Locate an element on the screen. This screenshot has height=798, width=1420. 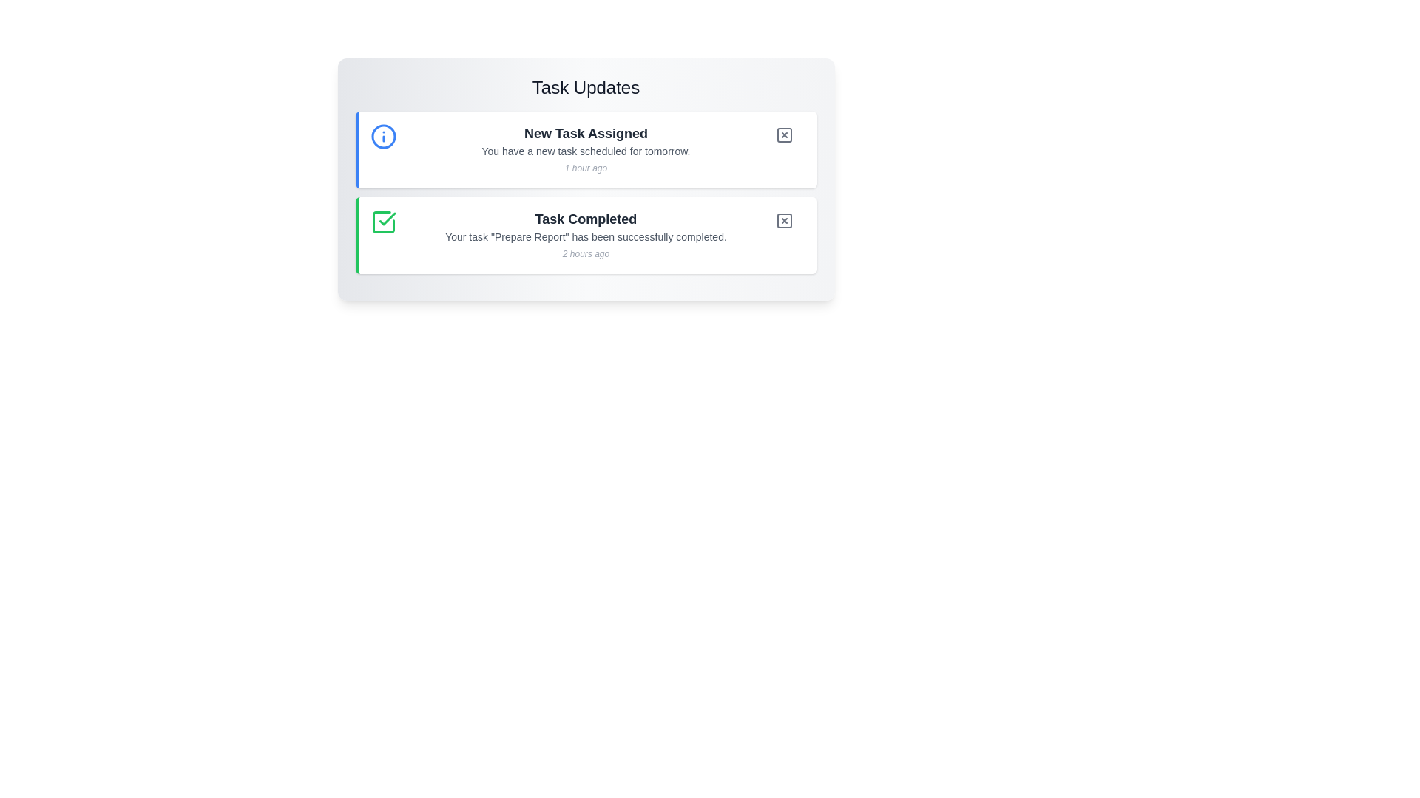
the static text displaying '2 hours ago' which is positioned below the message 'Your task "Prepare Report" has been successfully completed.' in the 'Task Completed' card is located at coordinates (585, 253).